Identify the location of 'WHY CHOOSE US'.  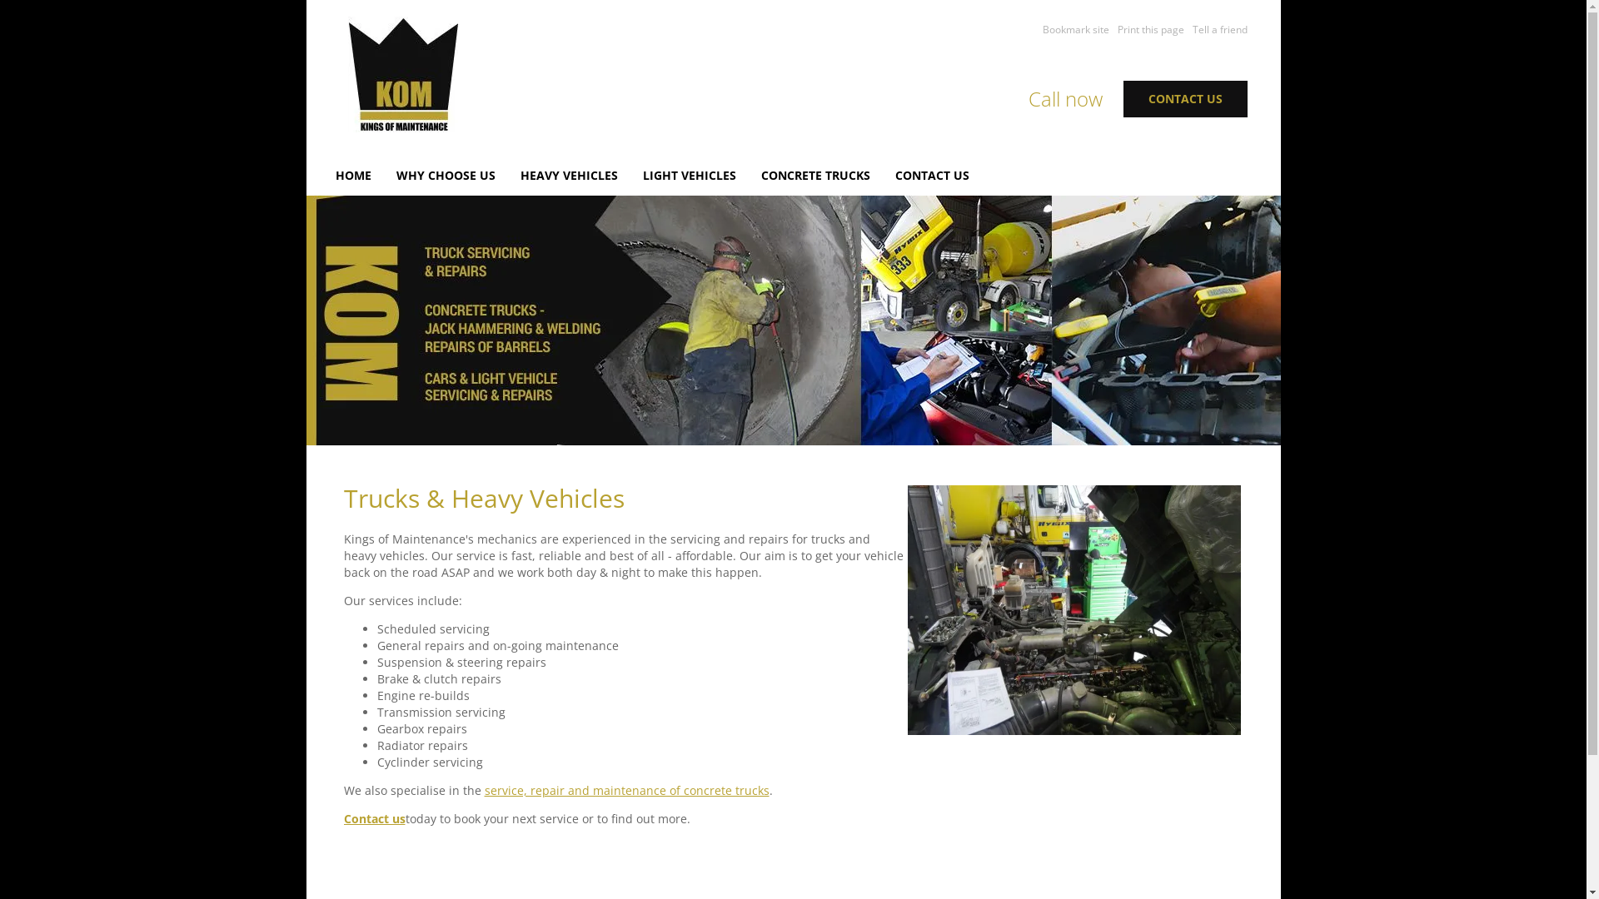
(446, 174).